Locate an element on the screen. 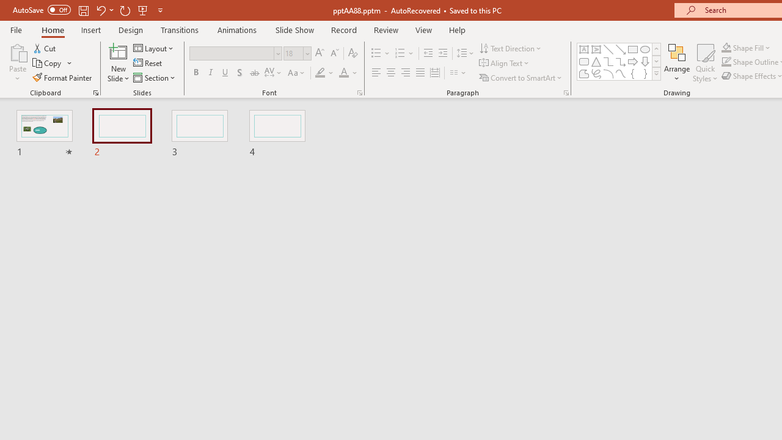 The image size is (782, 440). 'Oval' is located at coordinates (645, 49).